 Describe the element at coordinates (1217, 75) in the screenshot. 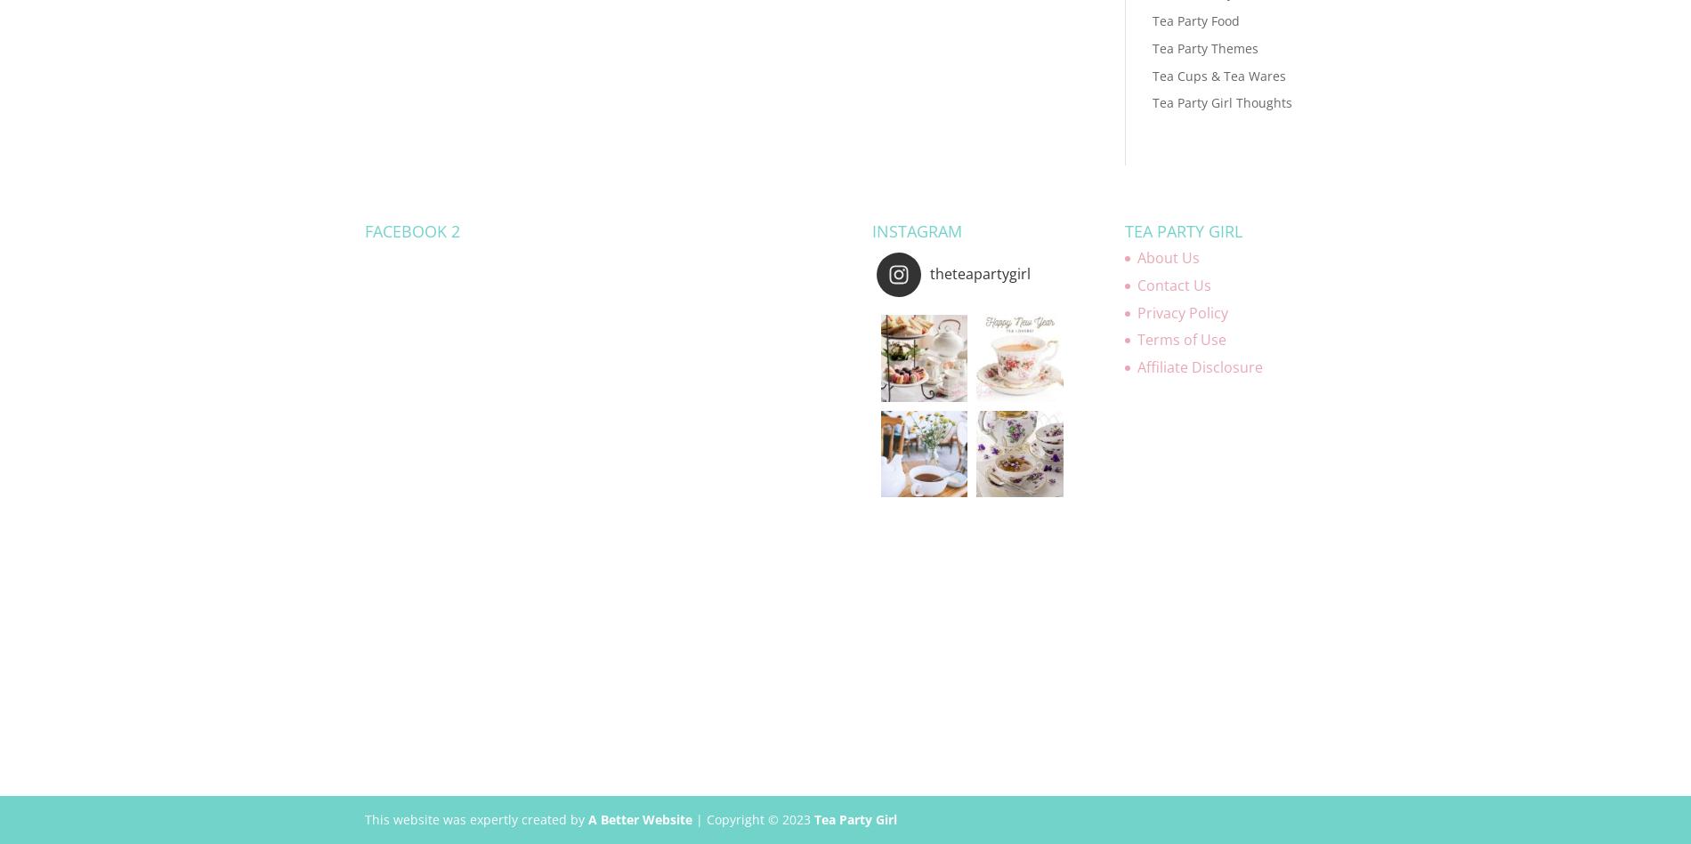

I see `'Tea Cups & Tea Wares'` at that location.